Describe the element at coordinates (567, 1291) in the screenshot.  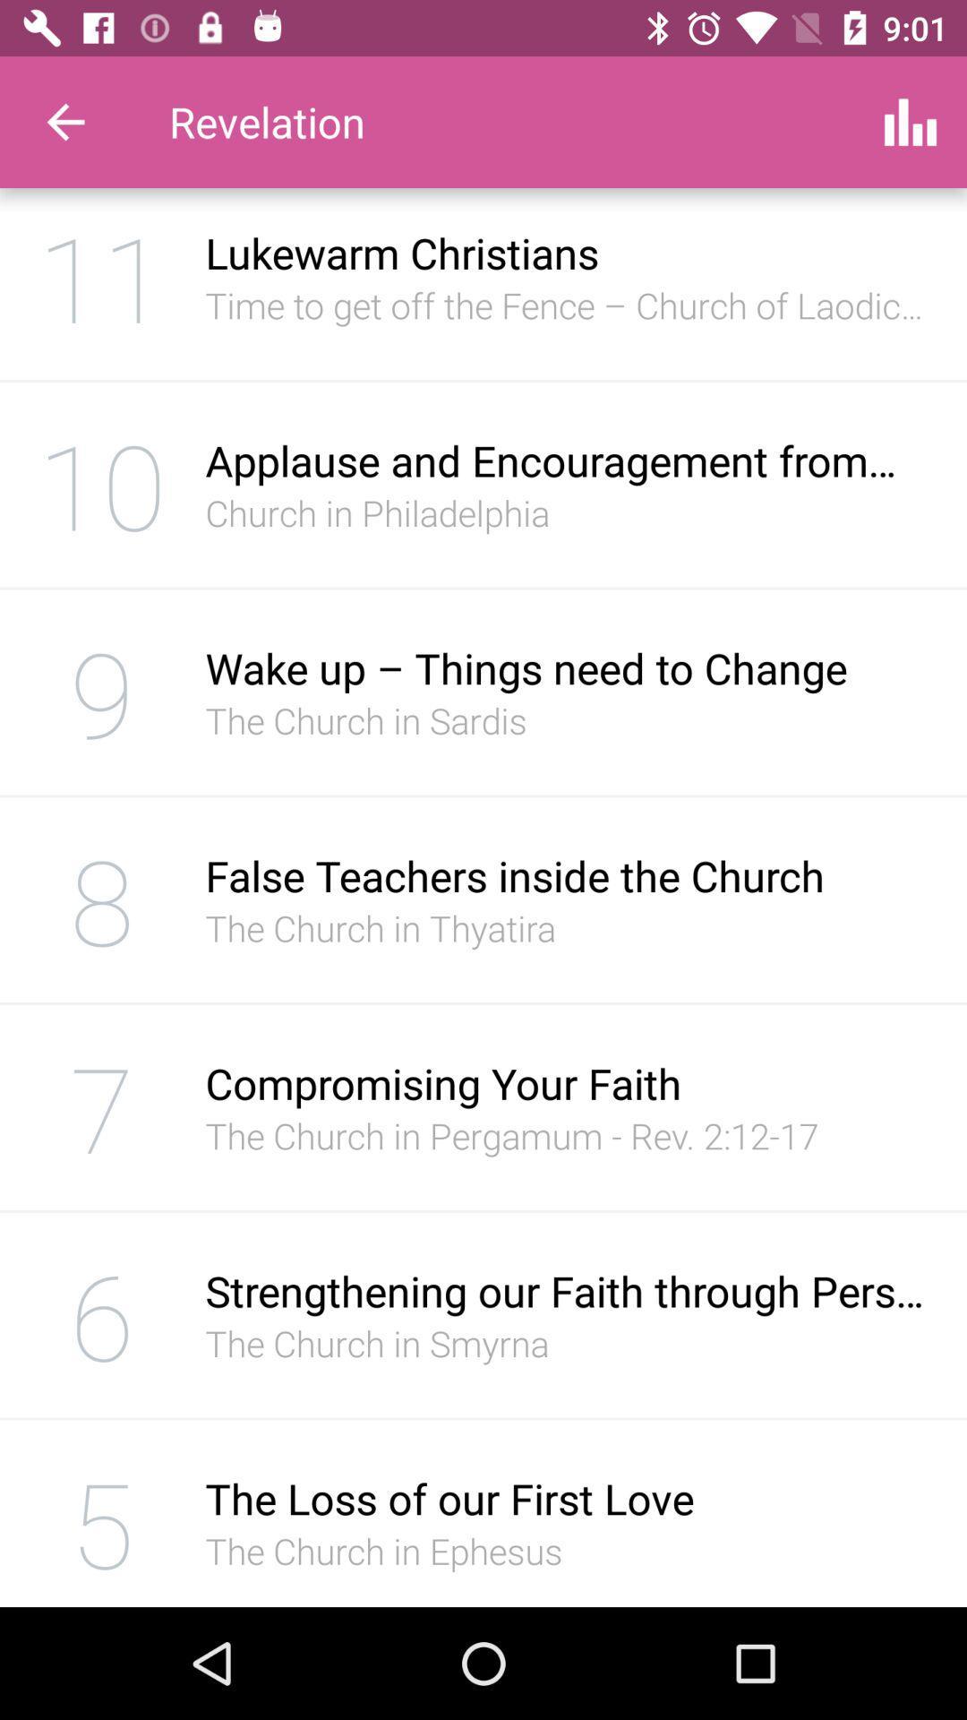
I see `item next to the 6 item` at that location.